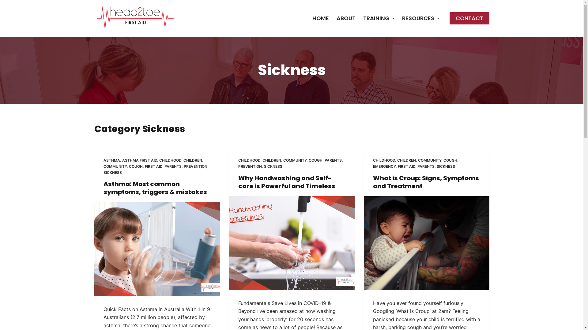 The width and height of the screenshot is (588, 330). Describe the element at coordinates (346, 18) in the screenshot. I see `'ABOUT'` at that location.